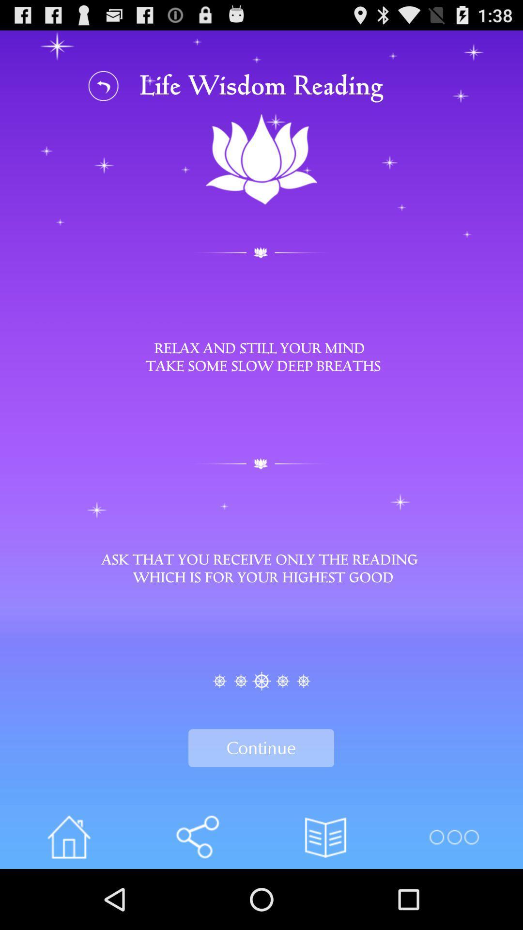 The width and height of the screenshot is (523, 930). What do you see at coordinates (197, 837) in the screenshot?
I see `the share button on the web page` at bounding box center [197, 837].